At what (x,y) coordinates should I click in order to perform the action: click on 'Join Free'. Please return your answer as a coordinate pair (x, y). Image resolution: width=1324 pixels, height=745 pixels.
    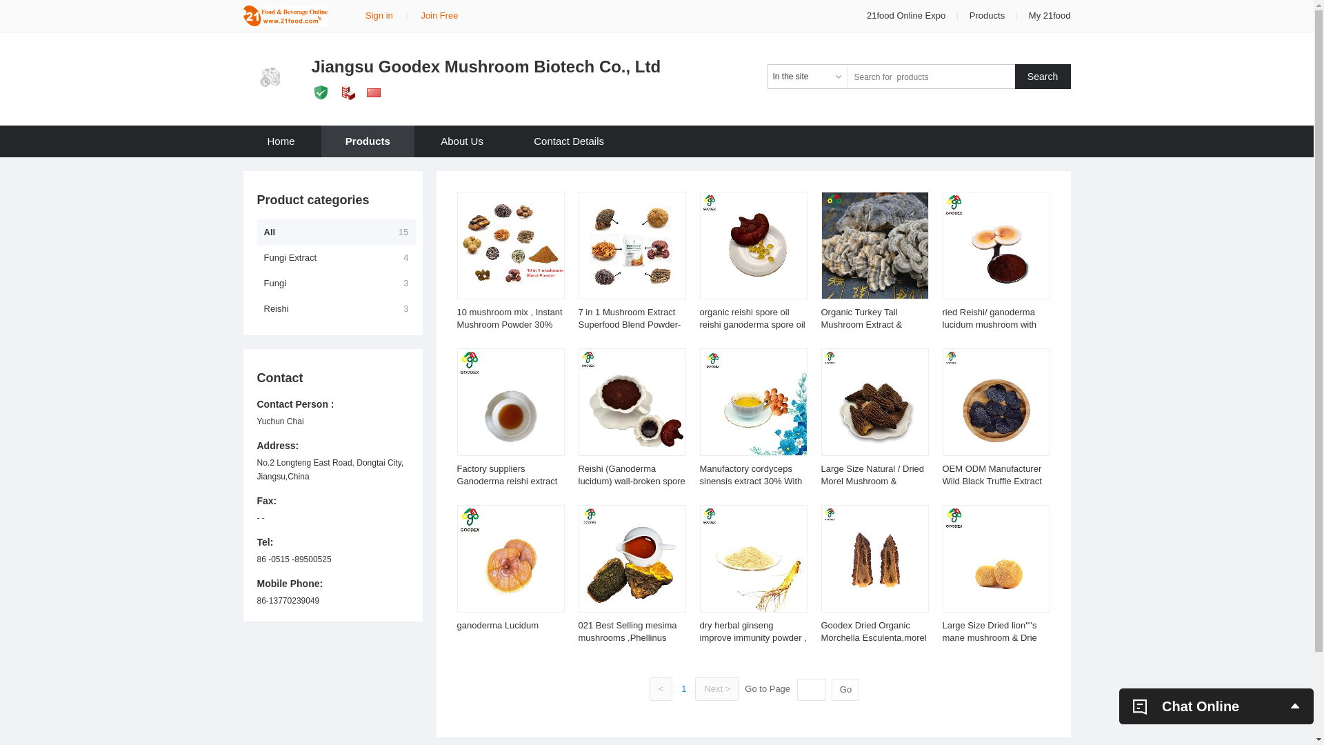
    Looking at the image, I should click on (419, 15).